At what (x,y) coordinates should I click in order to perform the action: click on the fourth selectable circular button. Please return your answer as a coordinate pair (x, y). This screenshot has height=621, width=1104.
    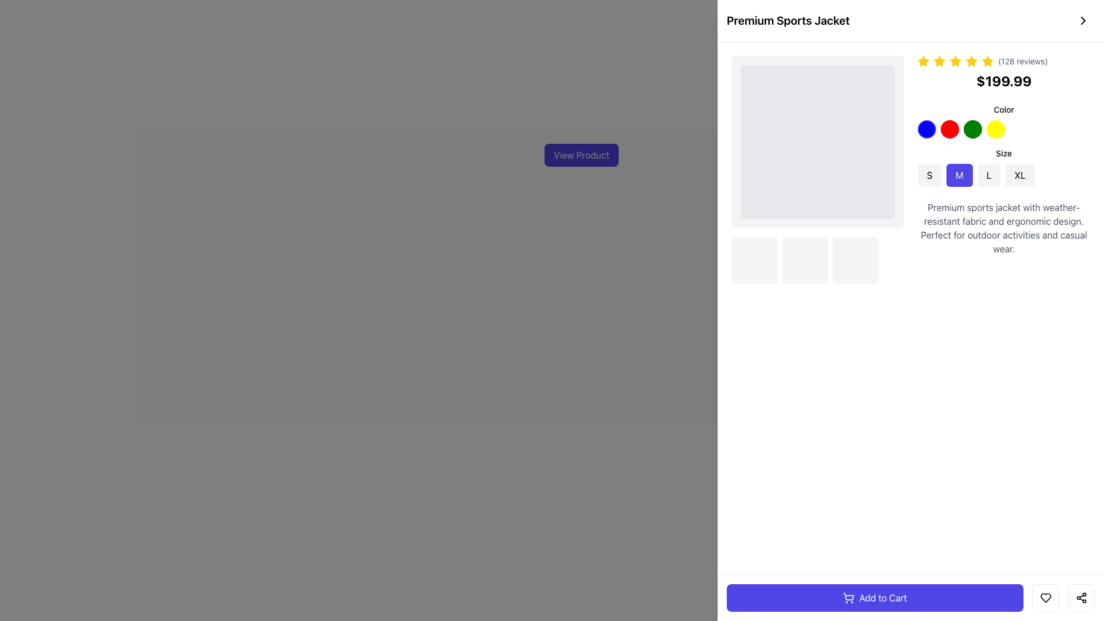
    Looking at the image, I should click on (1003, 129).